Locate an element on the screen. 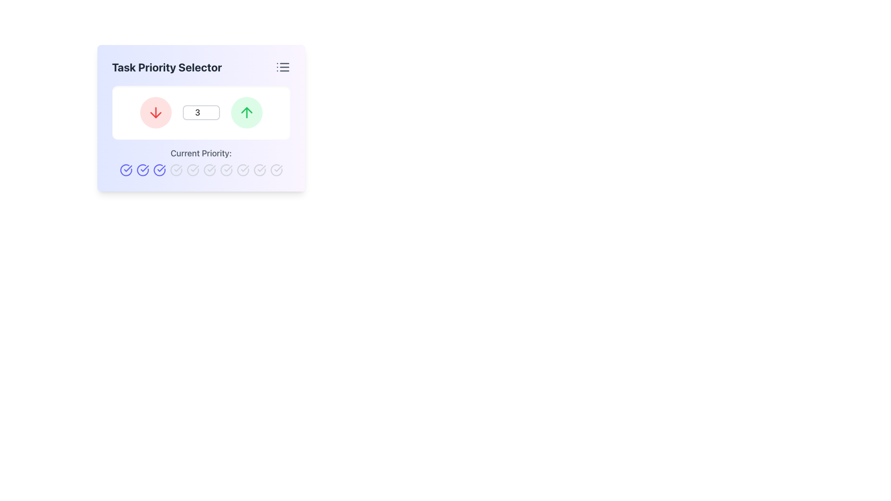  the second circular icon under the label 'Current Priority:' is located at coordinates (144, 168).